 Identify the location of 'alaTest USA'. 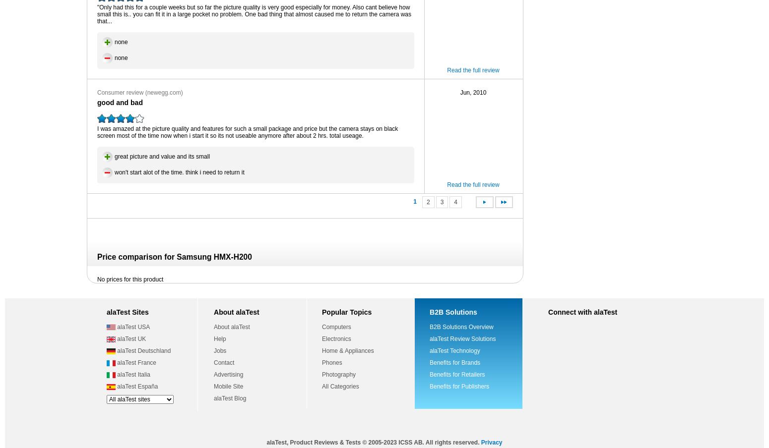
(115, 327).